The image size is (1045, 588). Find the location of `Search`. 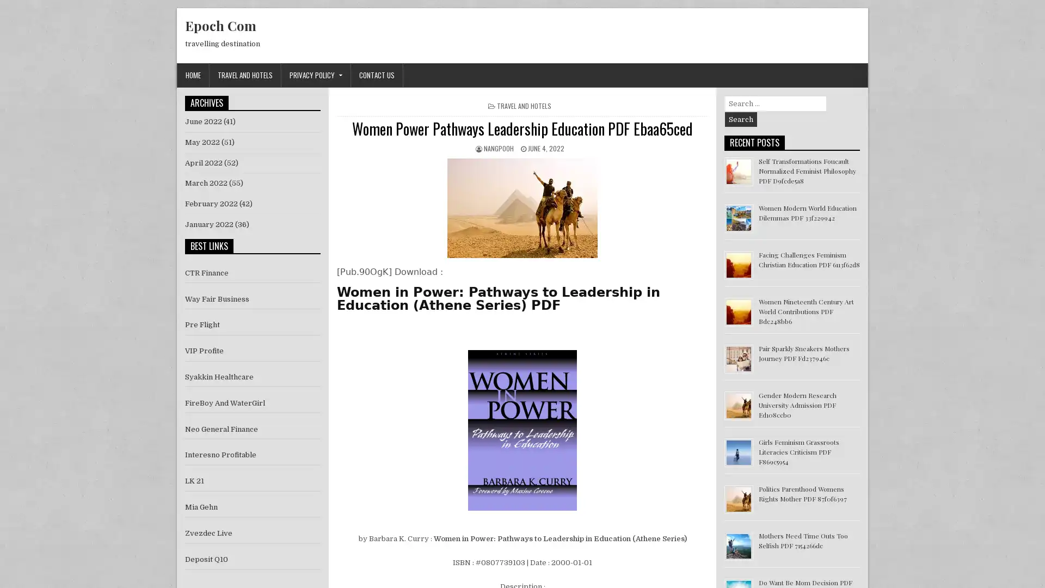

Search is located at coordinates (740, 119).